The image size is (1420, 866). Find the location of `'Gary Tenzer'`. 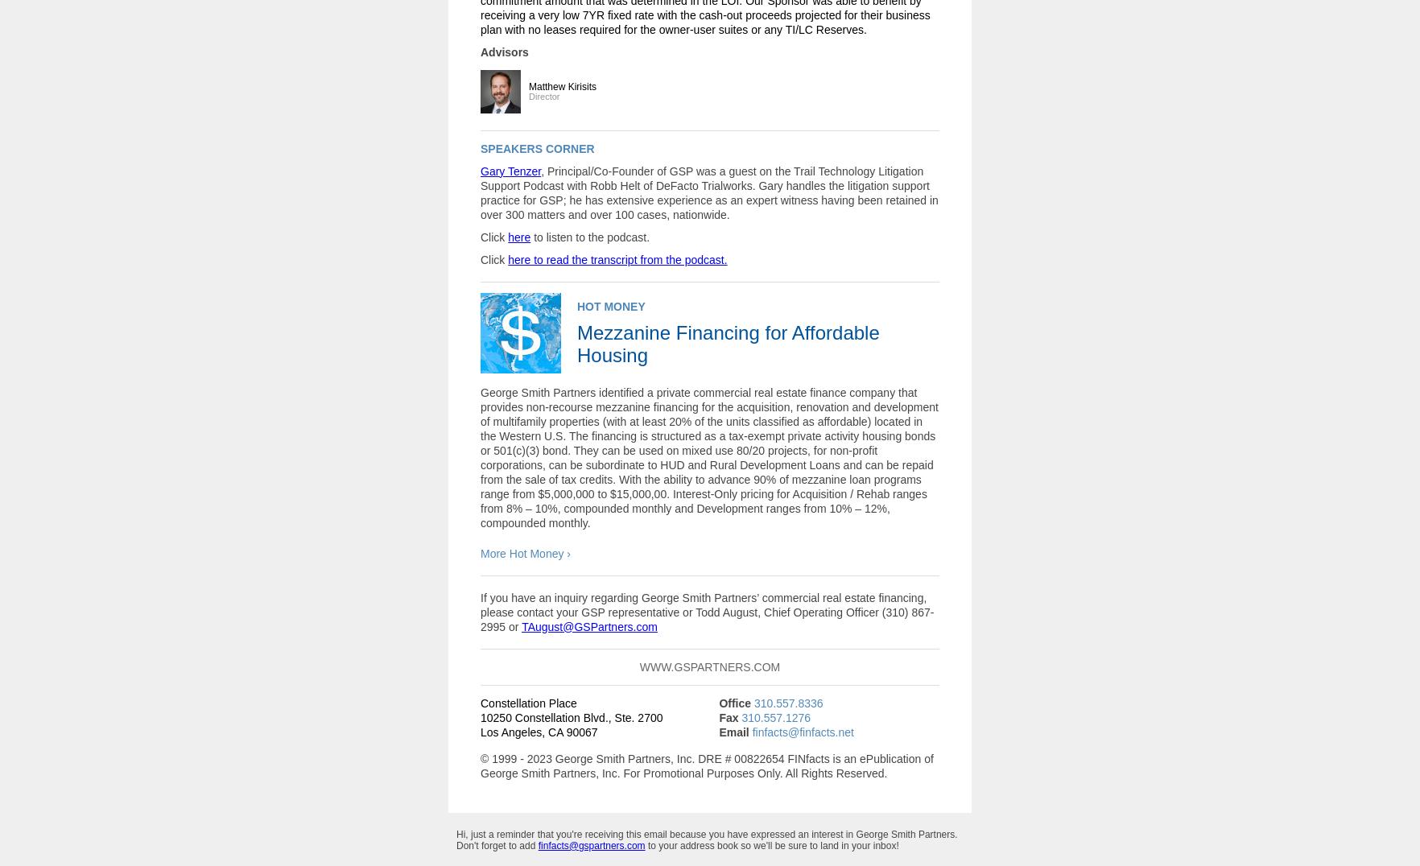

'Gary Tenzer' is located at coordinates (480, 169).